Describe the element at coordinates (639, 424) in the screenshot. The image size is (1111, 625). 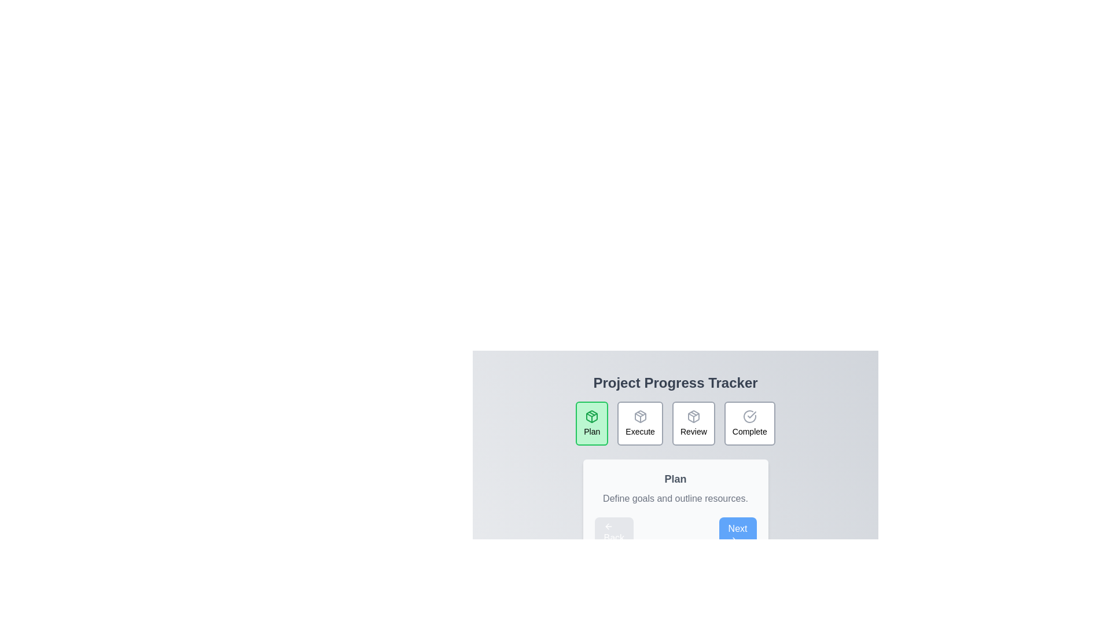
I see `the step labeled Execute to select it` at that location.